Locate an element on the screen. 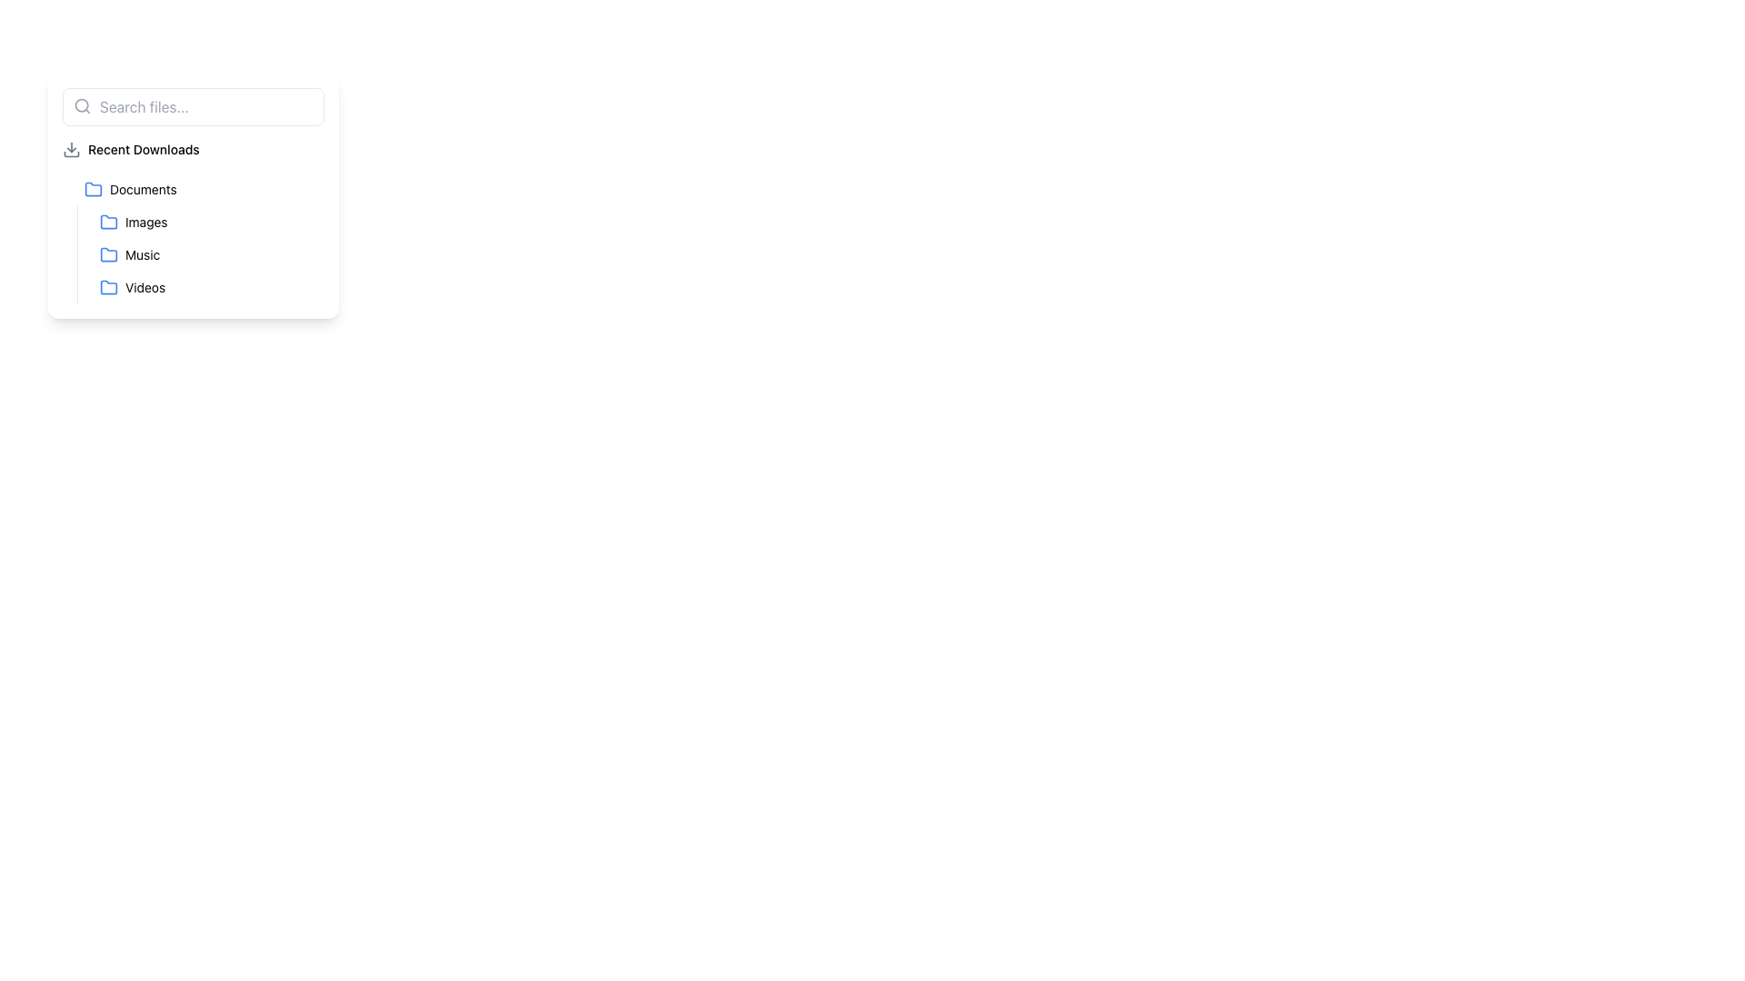  the folder icon with a blue outline located next to the 'Music' label is located at coordinates (108, 254).